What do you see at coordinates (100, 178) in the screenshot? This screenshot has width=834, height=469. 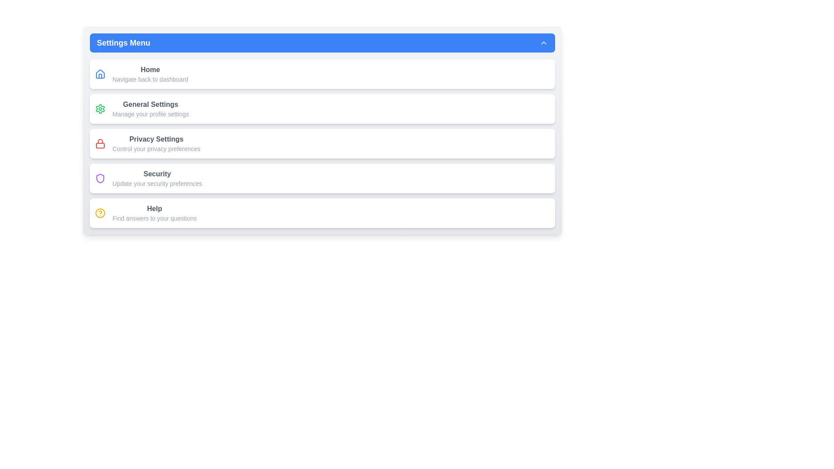 I see `the 'Security' icon located in the leftmost portion of the fourth row of the settings menu, which is visually represented to identify the 'Security' section` at bounding box center [100, 178].